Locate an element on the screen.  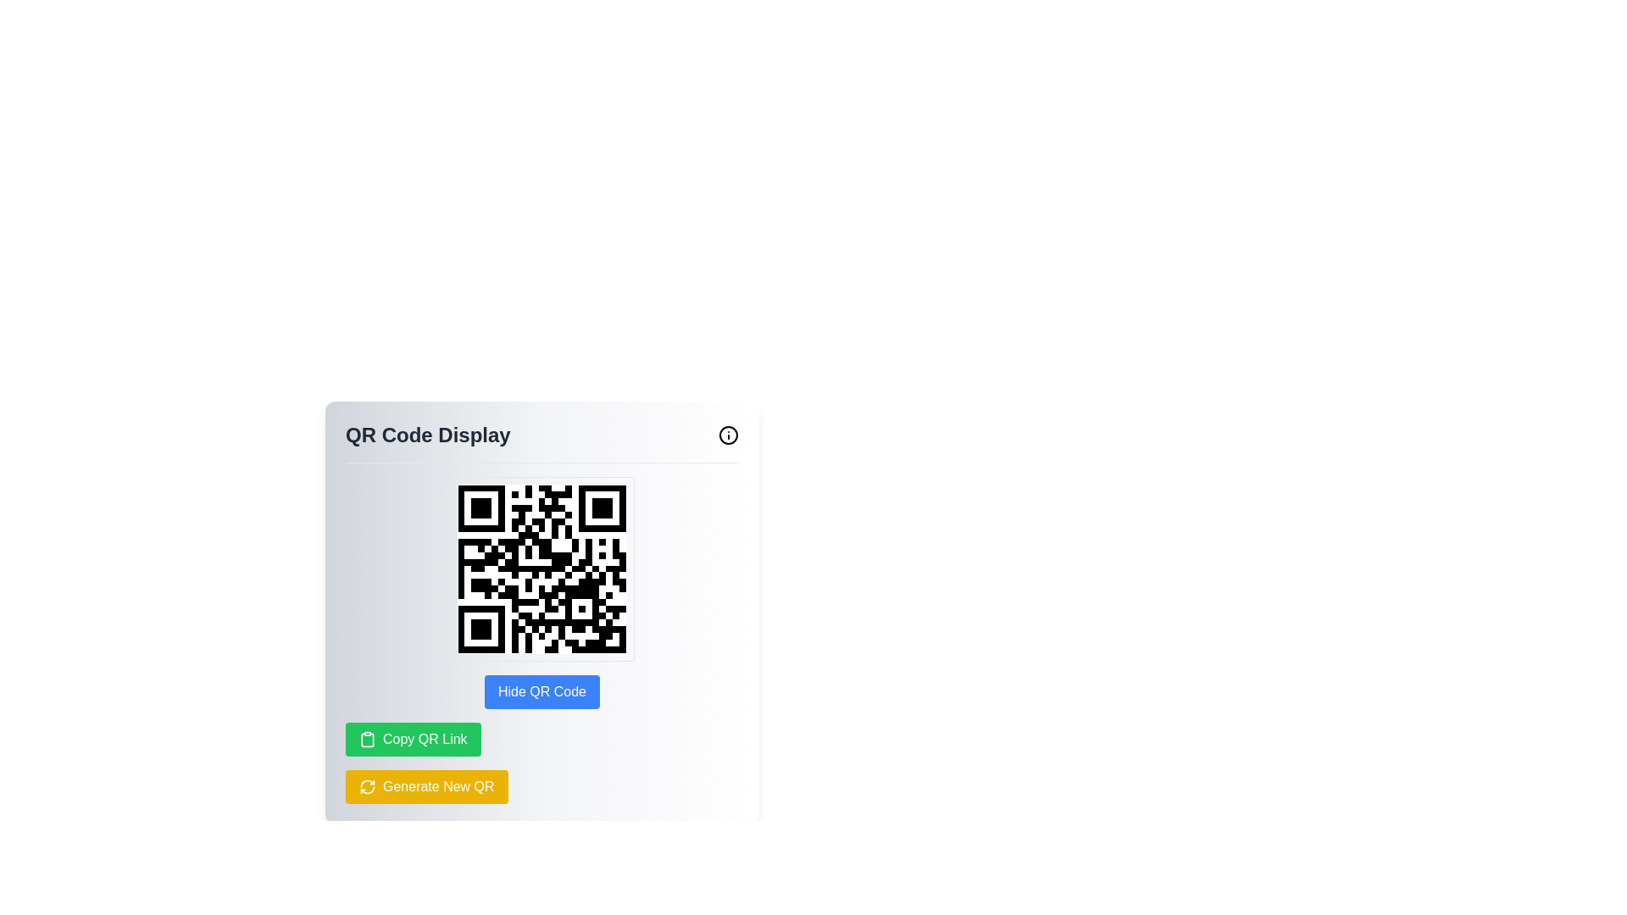
the header labeled 'QR Code Display' for accessibility by moving the cursor to its center point is located at coordinates (541, 441).